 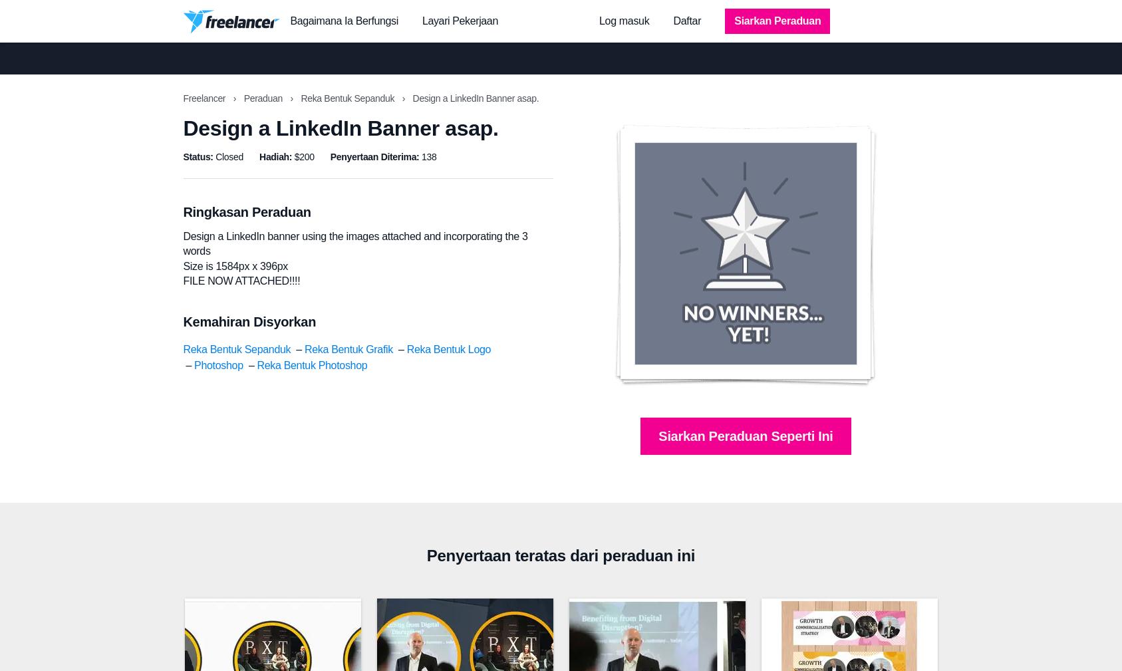 I want to click on '$200', so click(x=303, y=155).